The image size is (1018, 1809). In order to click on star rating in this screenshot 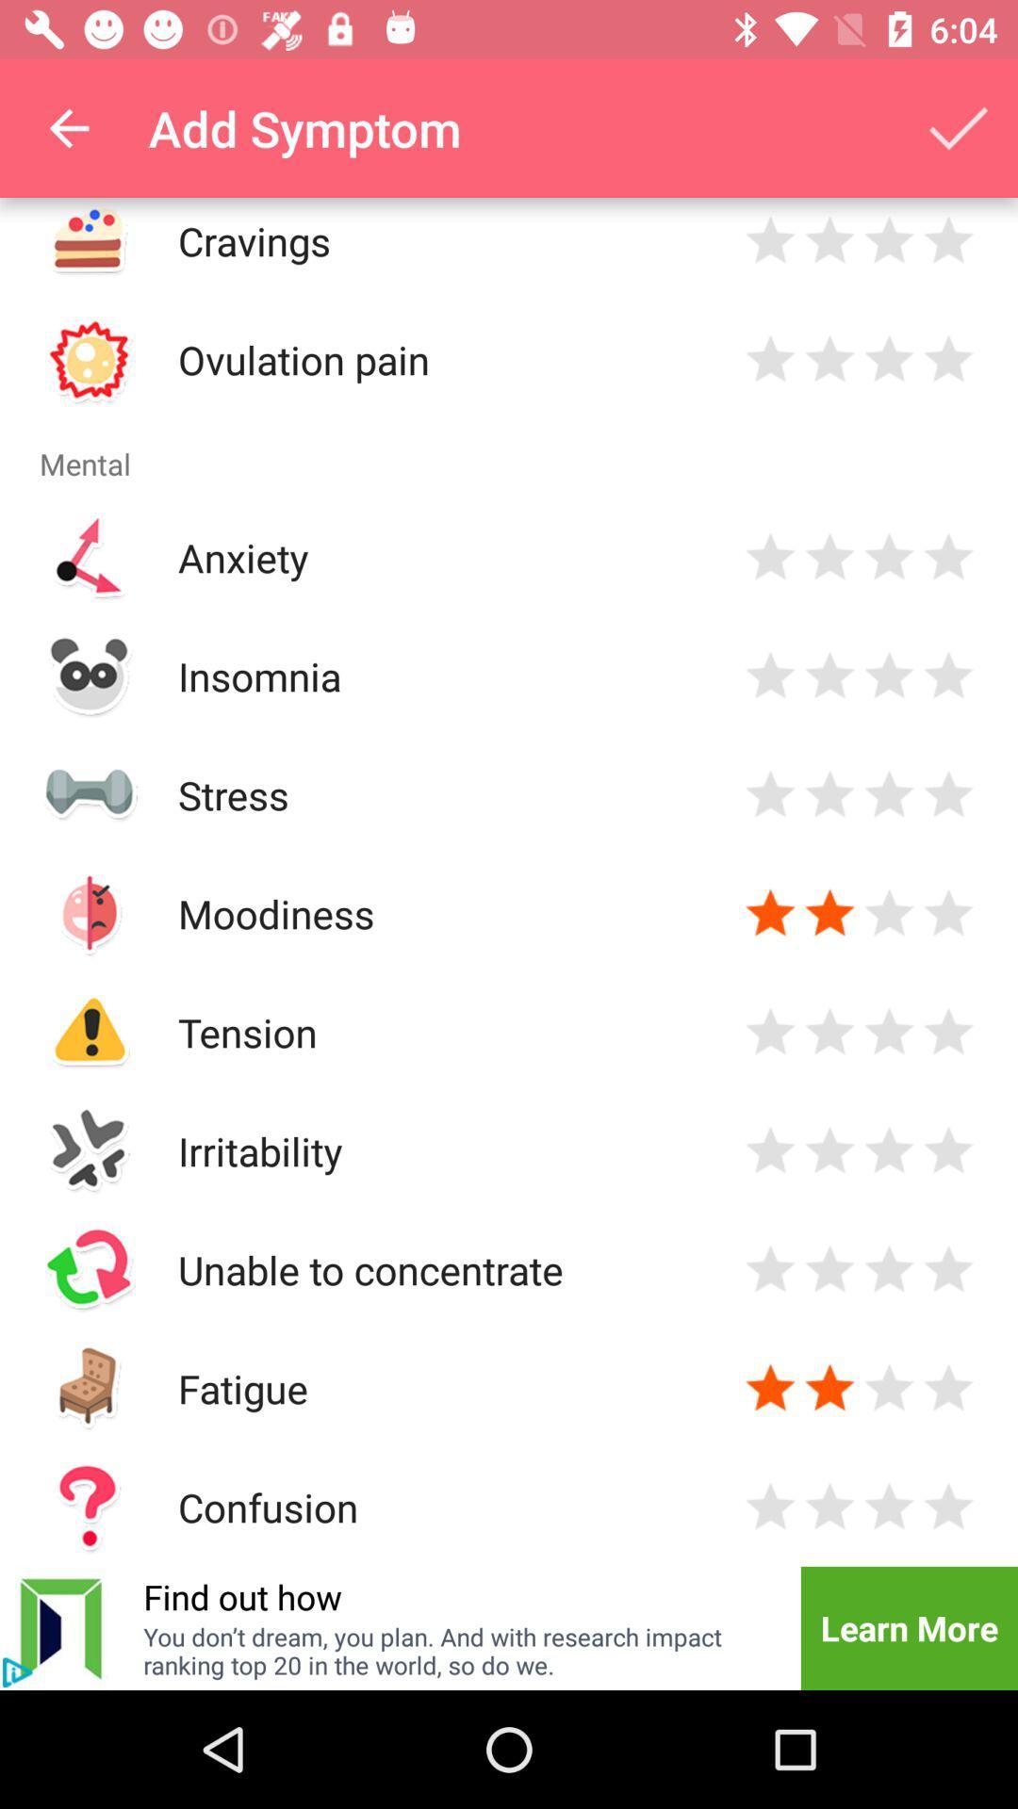, I will do `click(829, 794)`.